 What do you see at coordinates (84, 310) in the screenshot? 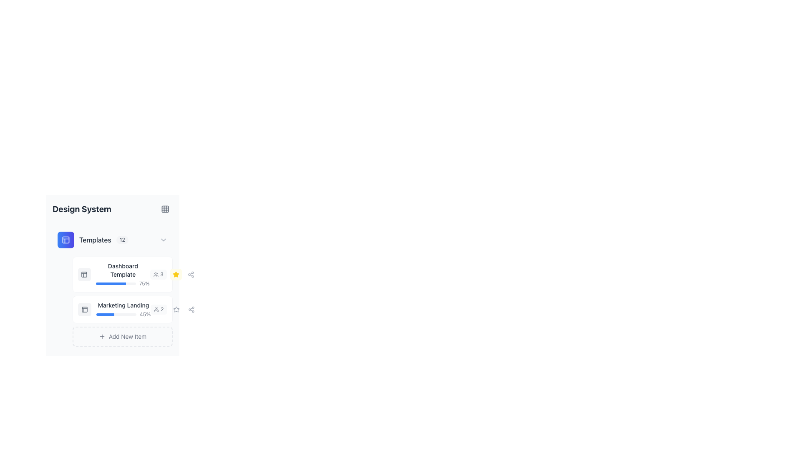
I see `the Icon button with a grid pattern, which is located to the left of the 'Marketing Landing' label` at bounding box center [84, 310].